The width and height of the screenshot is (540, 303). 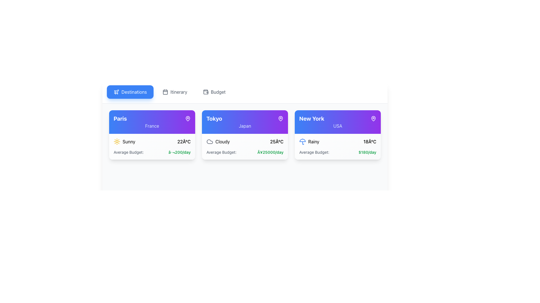 I want to click on the 'Budget' button, so click(x=214, y=91).